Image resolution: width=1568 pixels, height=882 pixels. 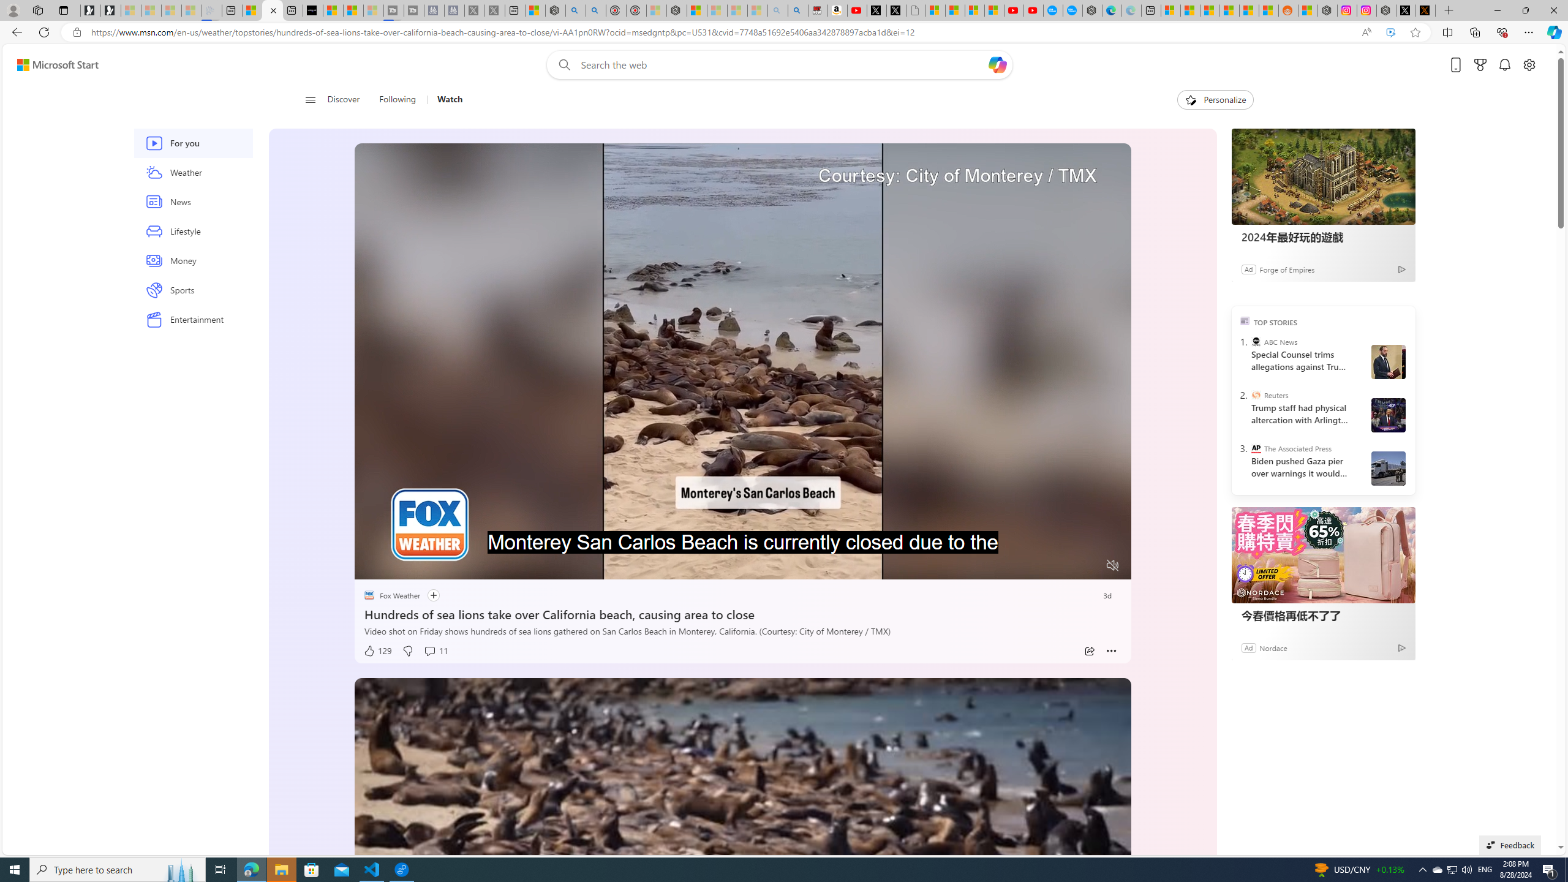 I want to click on 'Nordace (@NordaceOfficial) / X', so click(x=1406, y=10).